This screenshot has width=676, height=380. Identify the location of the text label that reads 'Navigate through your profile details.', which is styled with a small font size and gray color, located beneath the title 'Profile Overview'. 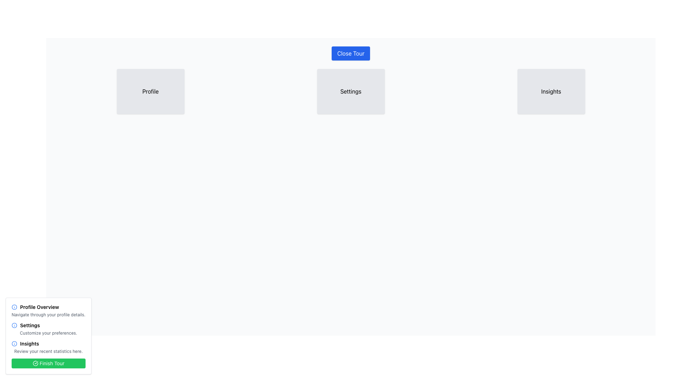
(48, 314).